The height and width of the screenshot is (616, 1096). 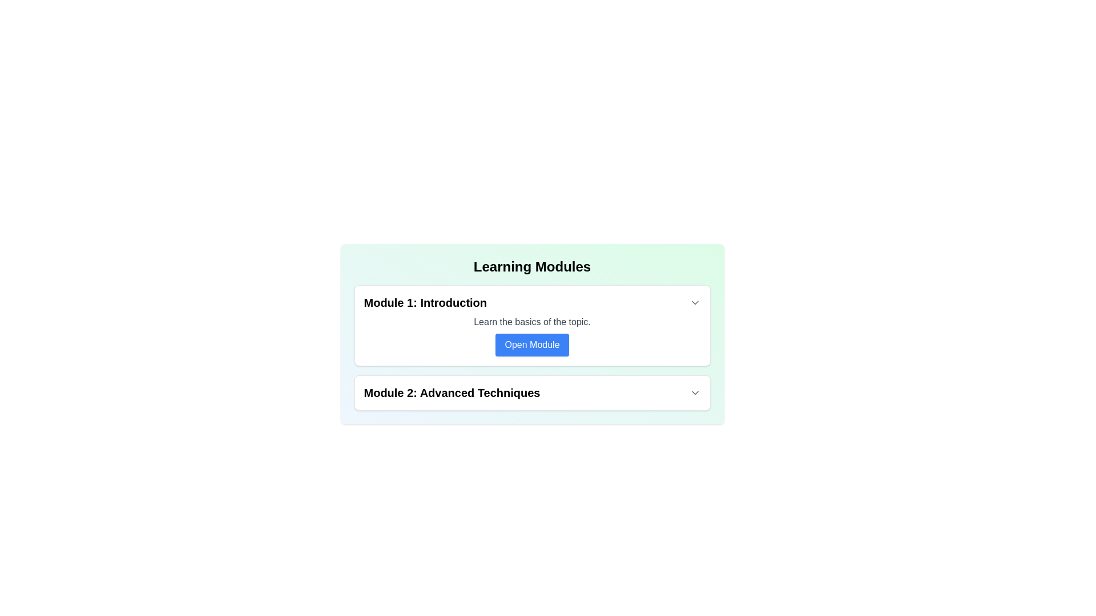 What do you see at coordinates (531, 335) in the screenshot?
I see `the 'Open Module' button located within the Informational Block under the title 'Module 1: Introduction'` at bounding box center [531, 335].